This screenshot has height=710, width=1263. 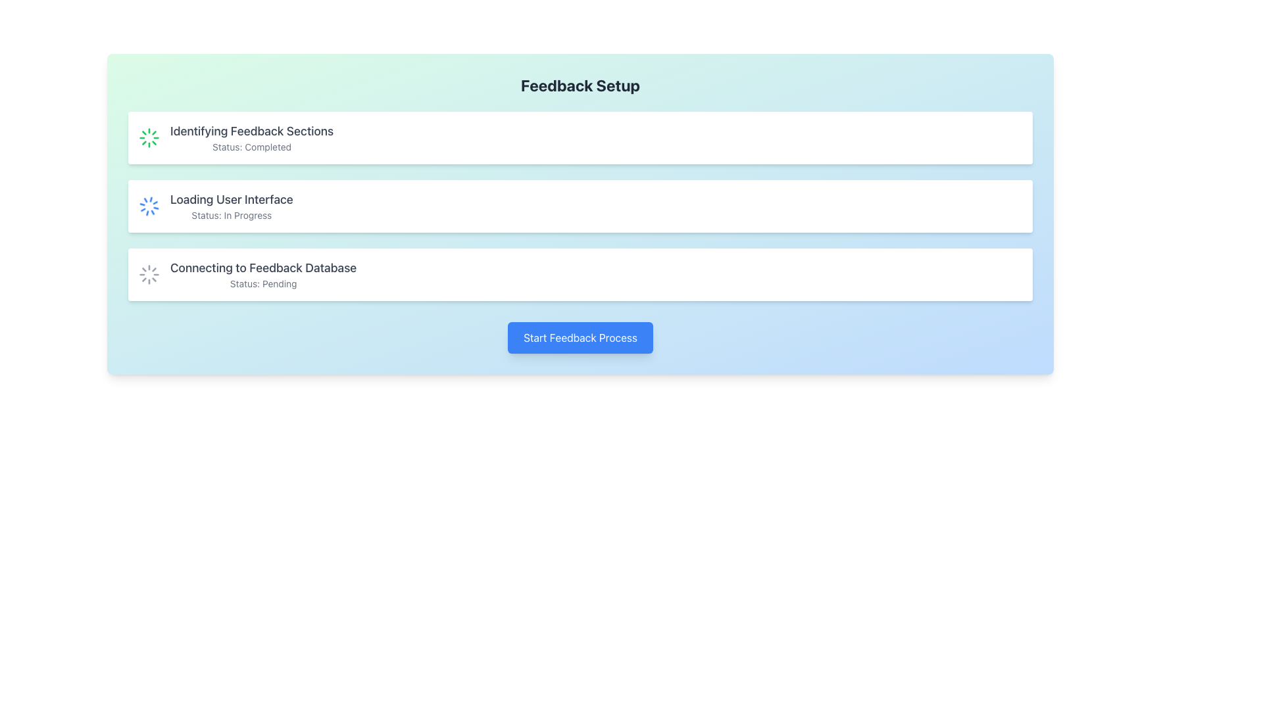 I want to click on the main action button located at the bottom center of the interface to initiate the feedback process, so click(x=580, y=337).